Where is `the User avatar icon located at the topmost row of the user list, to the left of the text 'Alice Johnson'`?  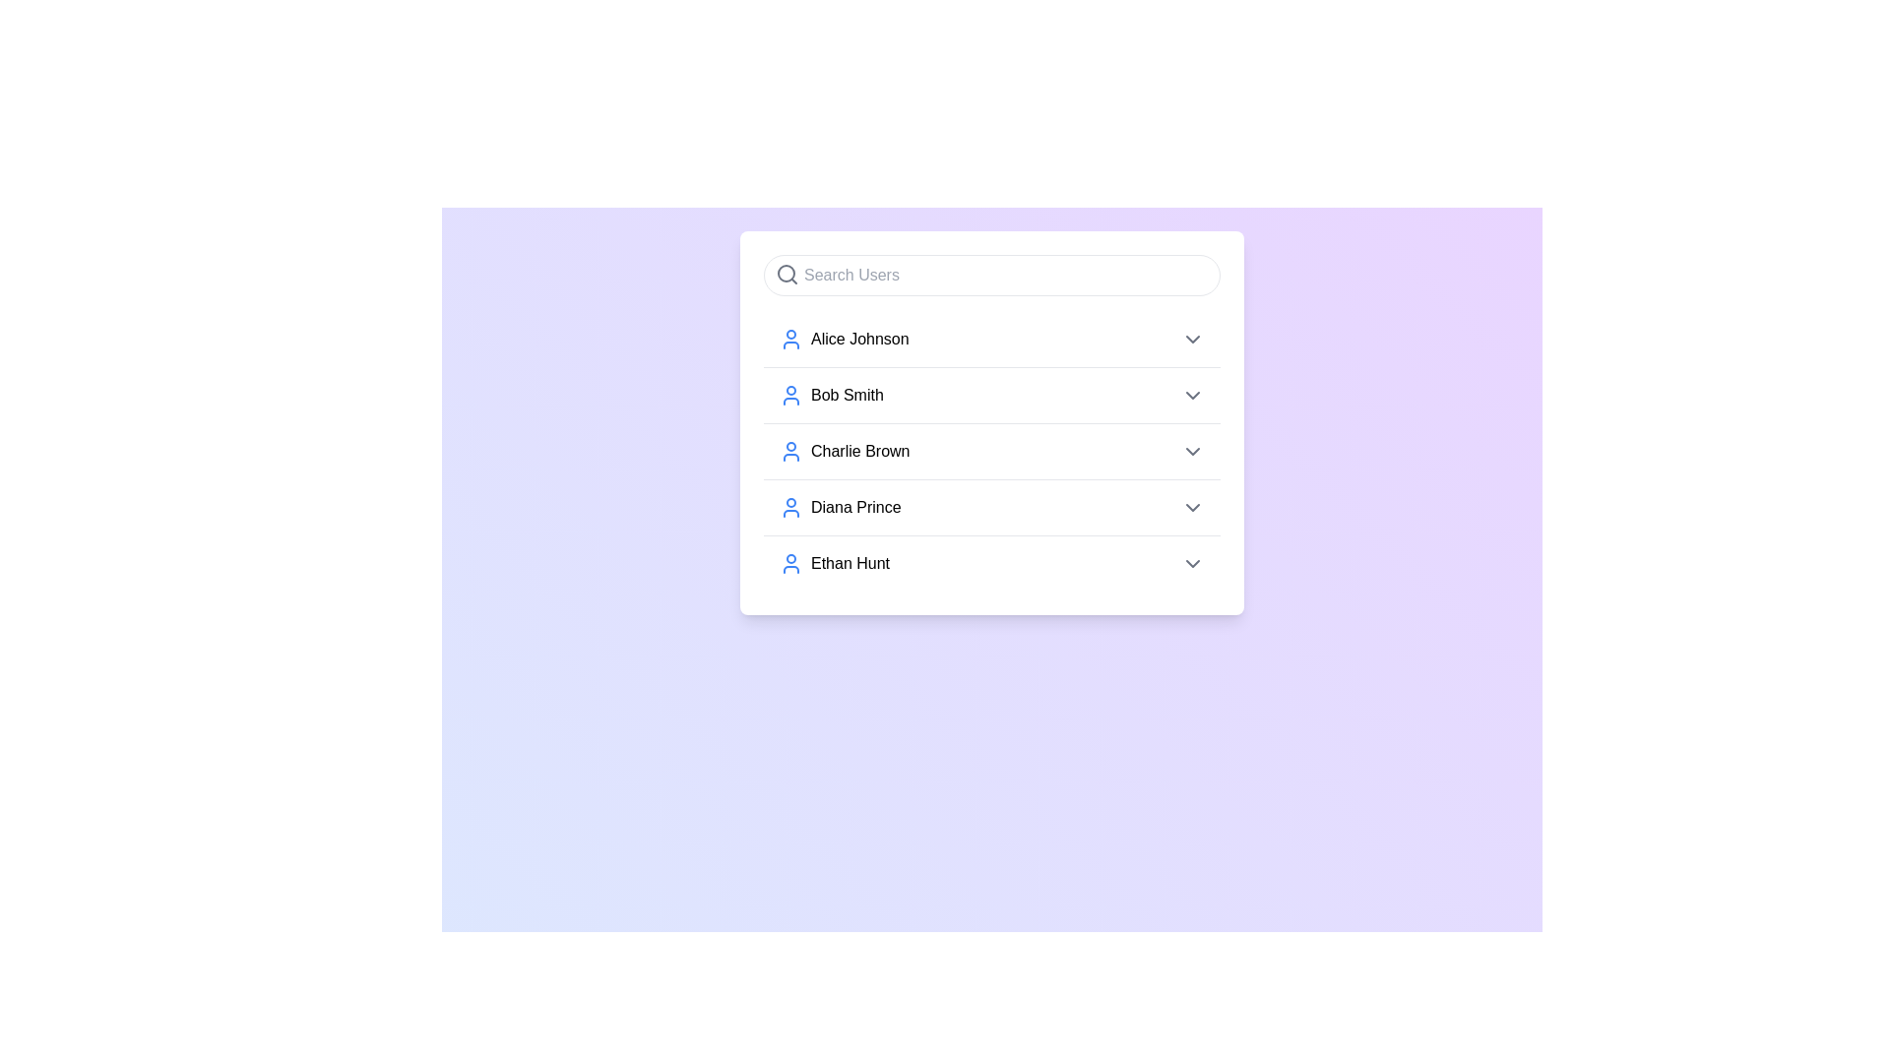
the User avatar icon located at the topmost row of the user list, to the left of the text 'Alice Johnson' is located at coordinates (791, 338).